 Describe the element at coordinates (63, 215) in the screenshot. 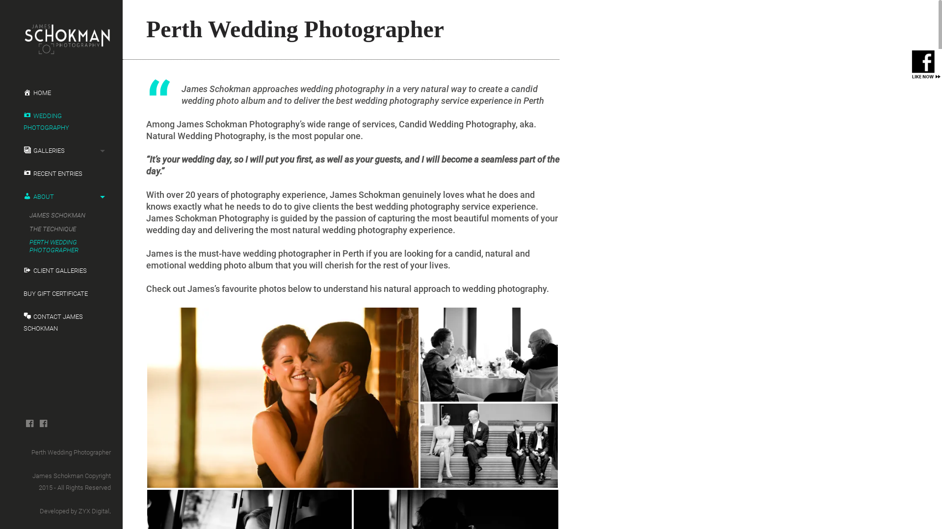

I see `'JAMES SCHOKMAN'` at that location.